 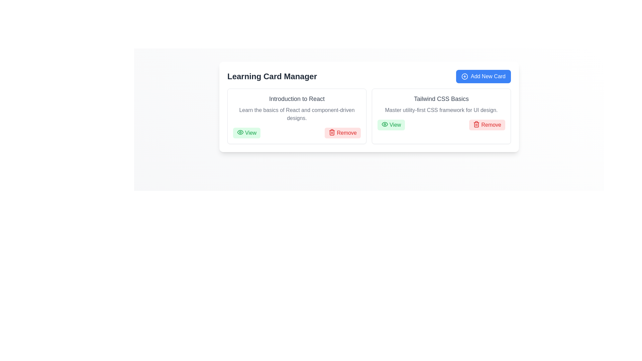 I want to click on the circular icon component that forms the central background of the 'Add' button, which features a plus symbol on a blue background, so click(x=464, y=76).